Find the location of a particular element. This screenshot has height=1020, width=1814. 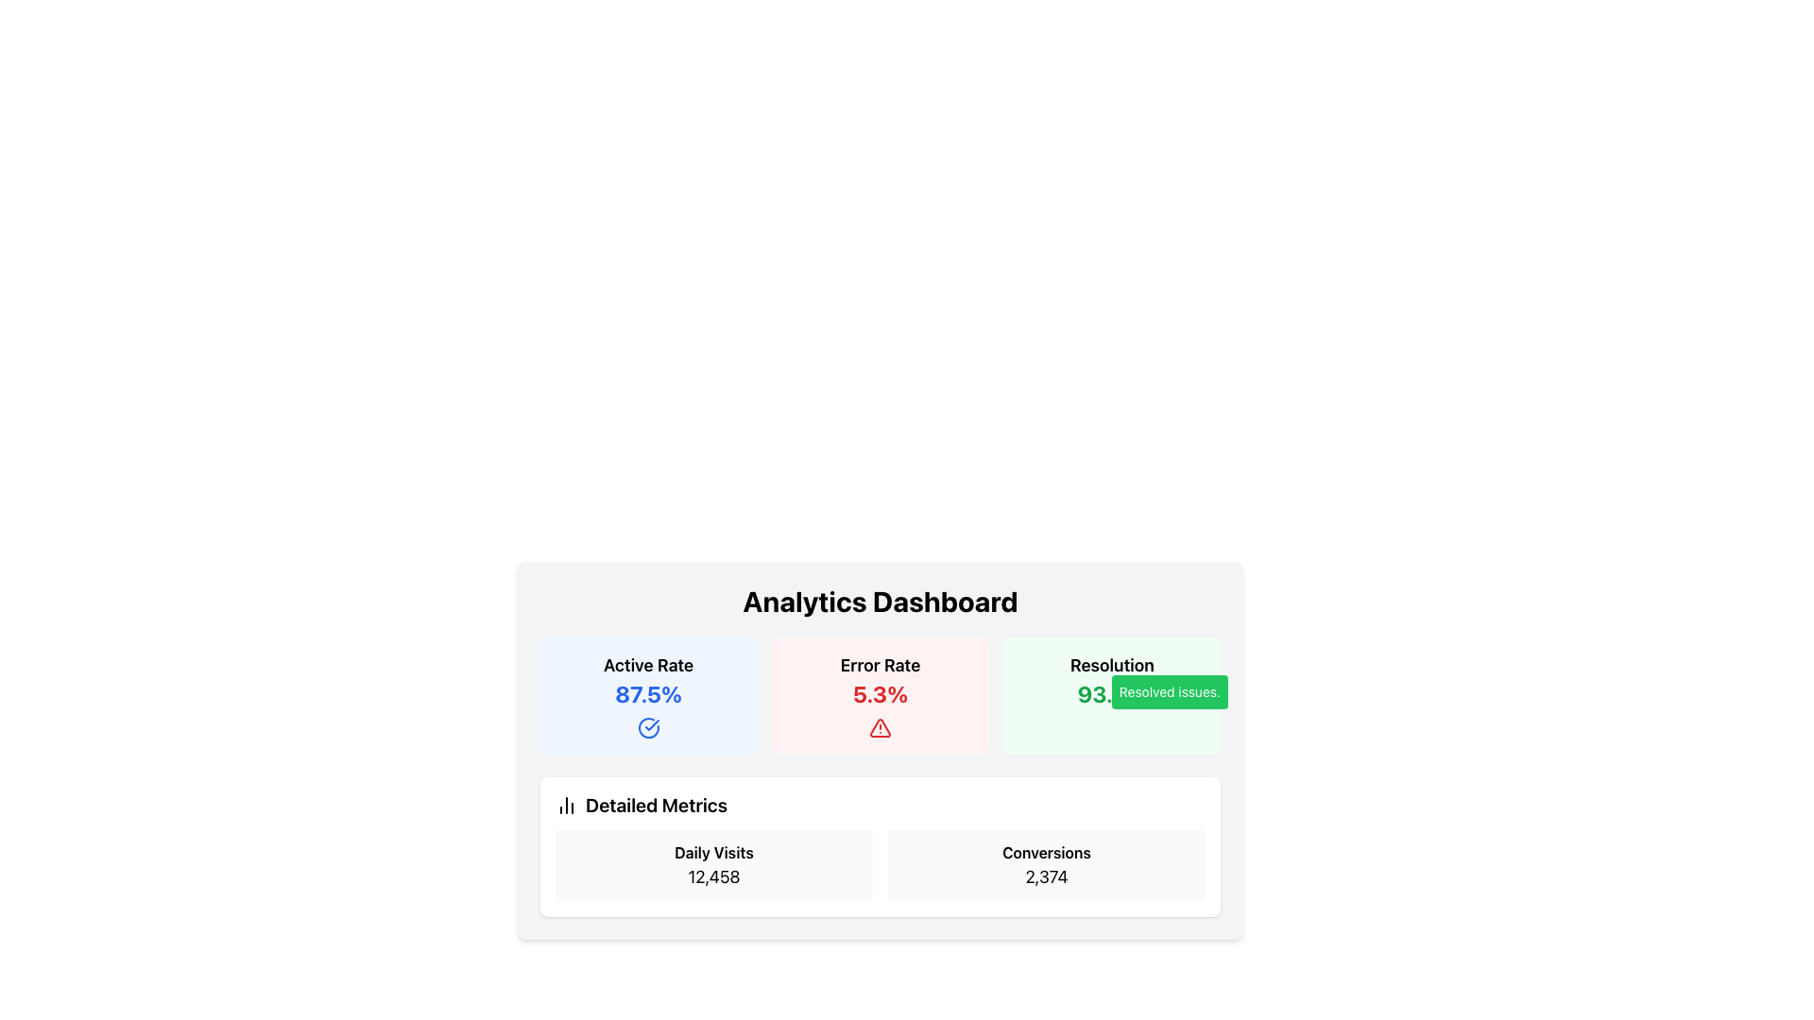

the 'Active Rate' text label, which is displayed in bold with a dark color on a light blue background is located at coordinates (648, 665).